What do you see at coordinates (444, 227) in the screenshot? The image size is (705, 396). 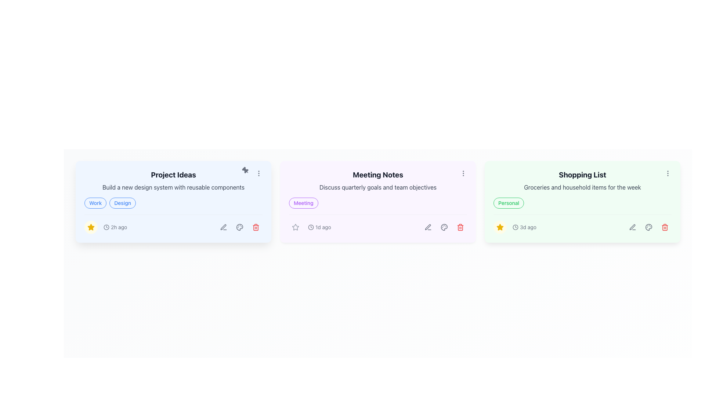 I see `the button with a painter's palette icon located at the lower-right corner of the 'Meeting Notes' card` at bounding box center [444, 227].